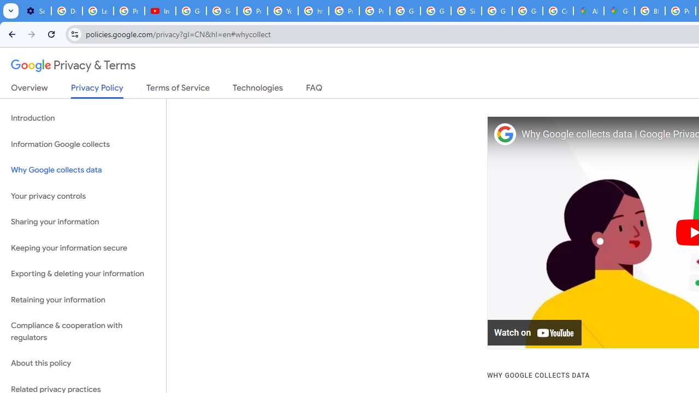 This screenshot has width=699, height=393. Describe the element at coordinates (535, 332) in the screenshot. I see `'Watch on YouTube'` at that location.